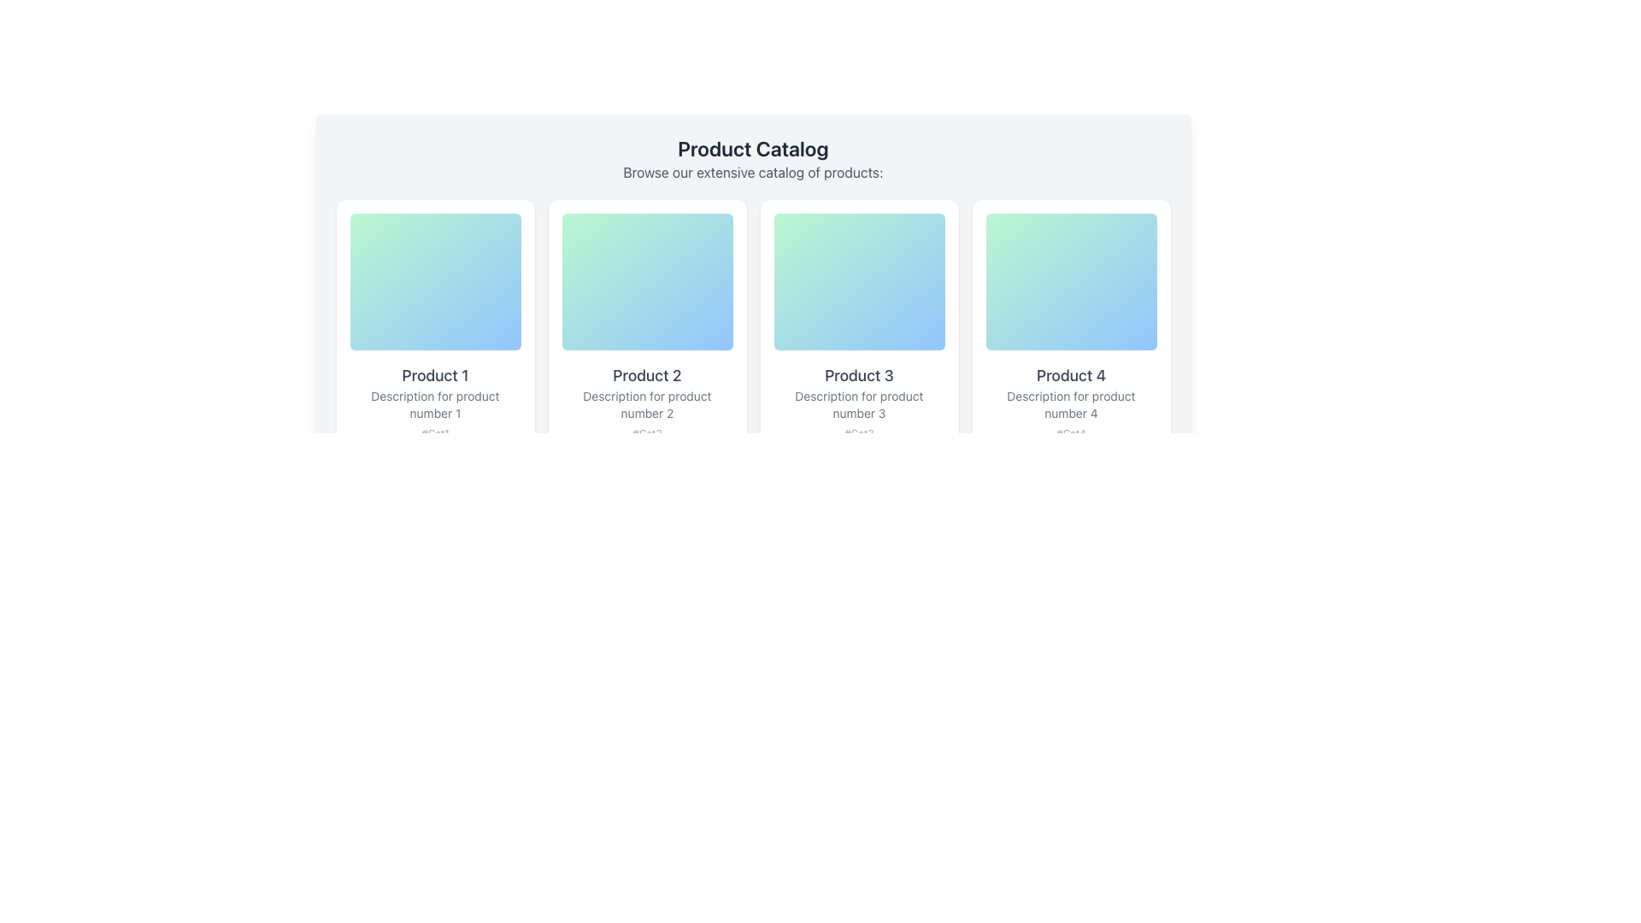  Describe the element at coordinates (859, 405) in the screenshot. I see `the descriptive text element providing additional information about 'Product 3', located under the heading 'Product 3' within its card` at that location.